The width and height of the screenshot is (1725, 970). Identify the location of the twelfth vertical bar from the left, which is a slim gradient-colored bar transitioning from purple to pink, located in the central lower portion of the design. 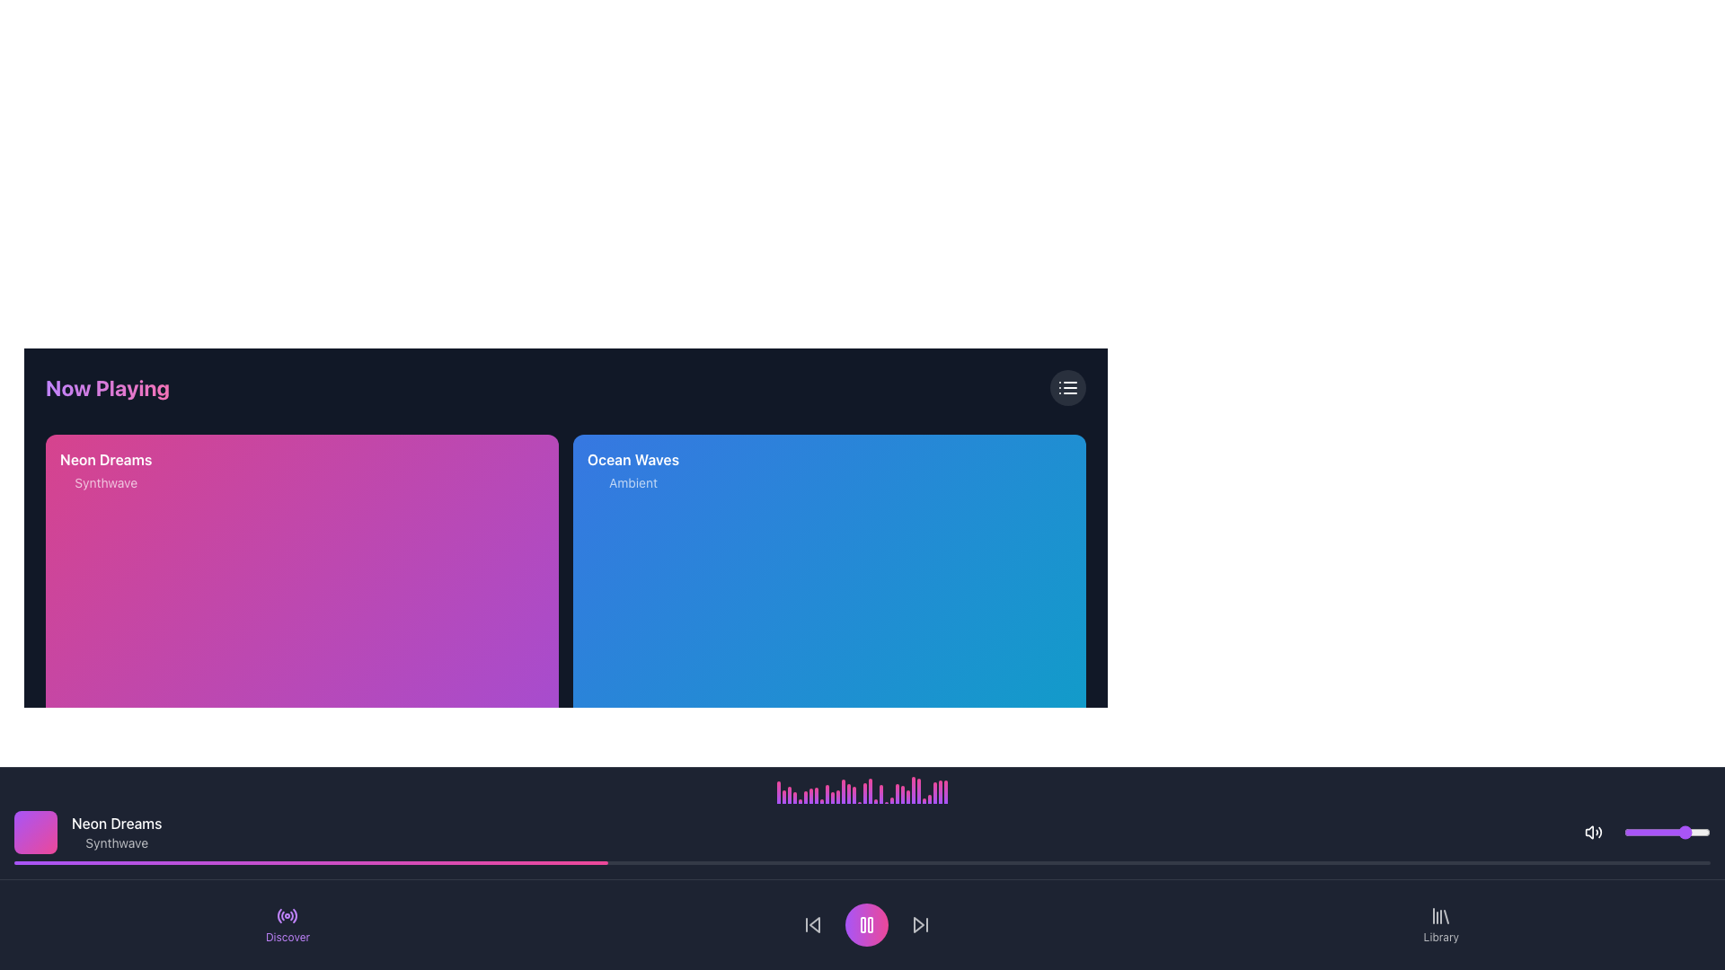
(836, 795).